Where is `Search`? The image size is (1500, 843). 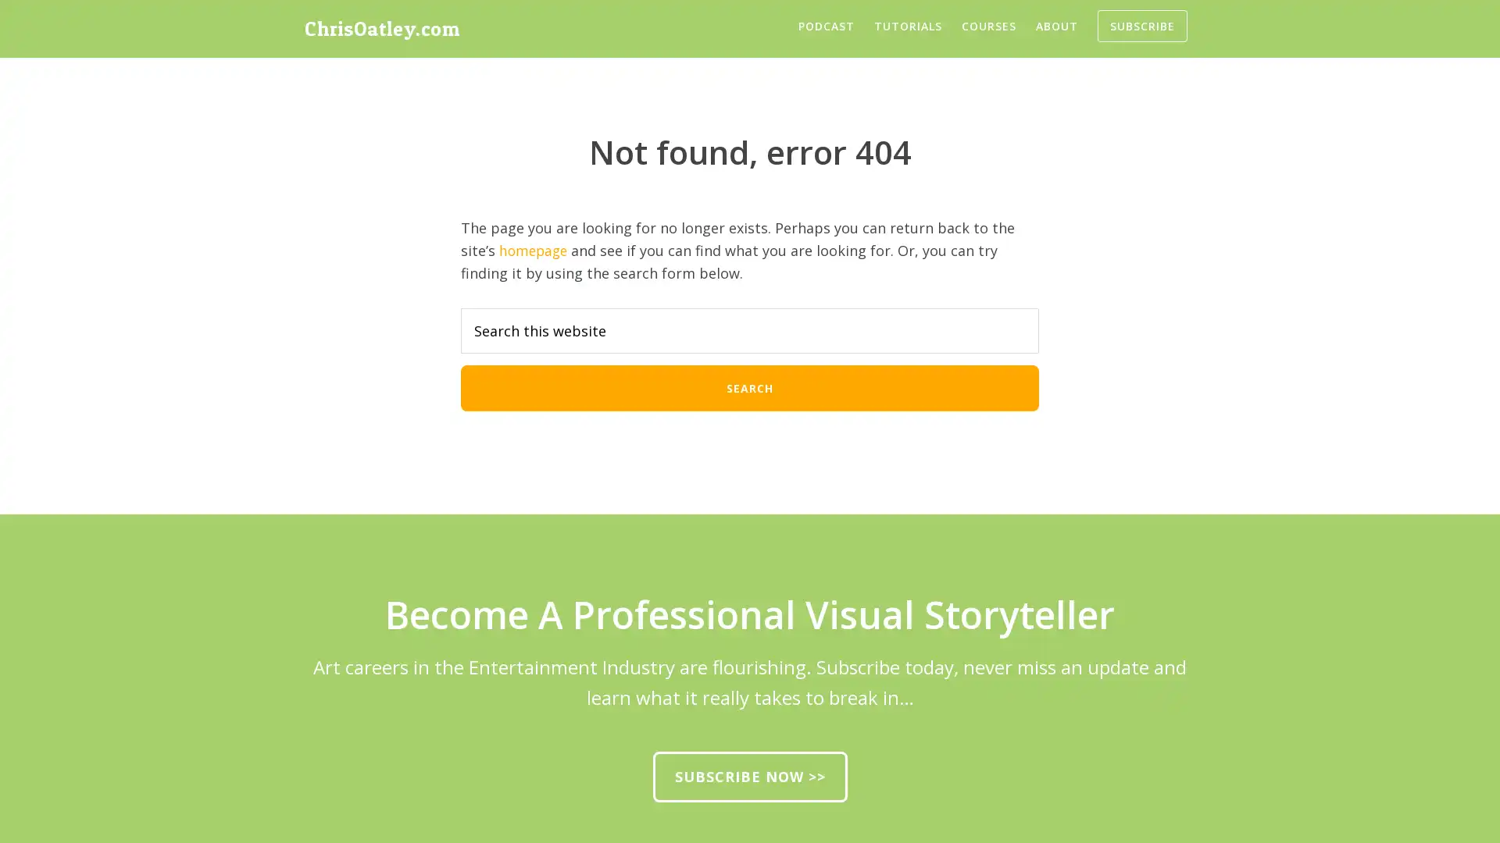
Search is located at coordinates (750, 386).